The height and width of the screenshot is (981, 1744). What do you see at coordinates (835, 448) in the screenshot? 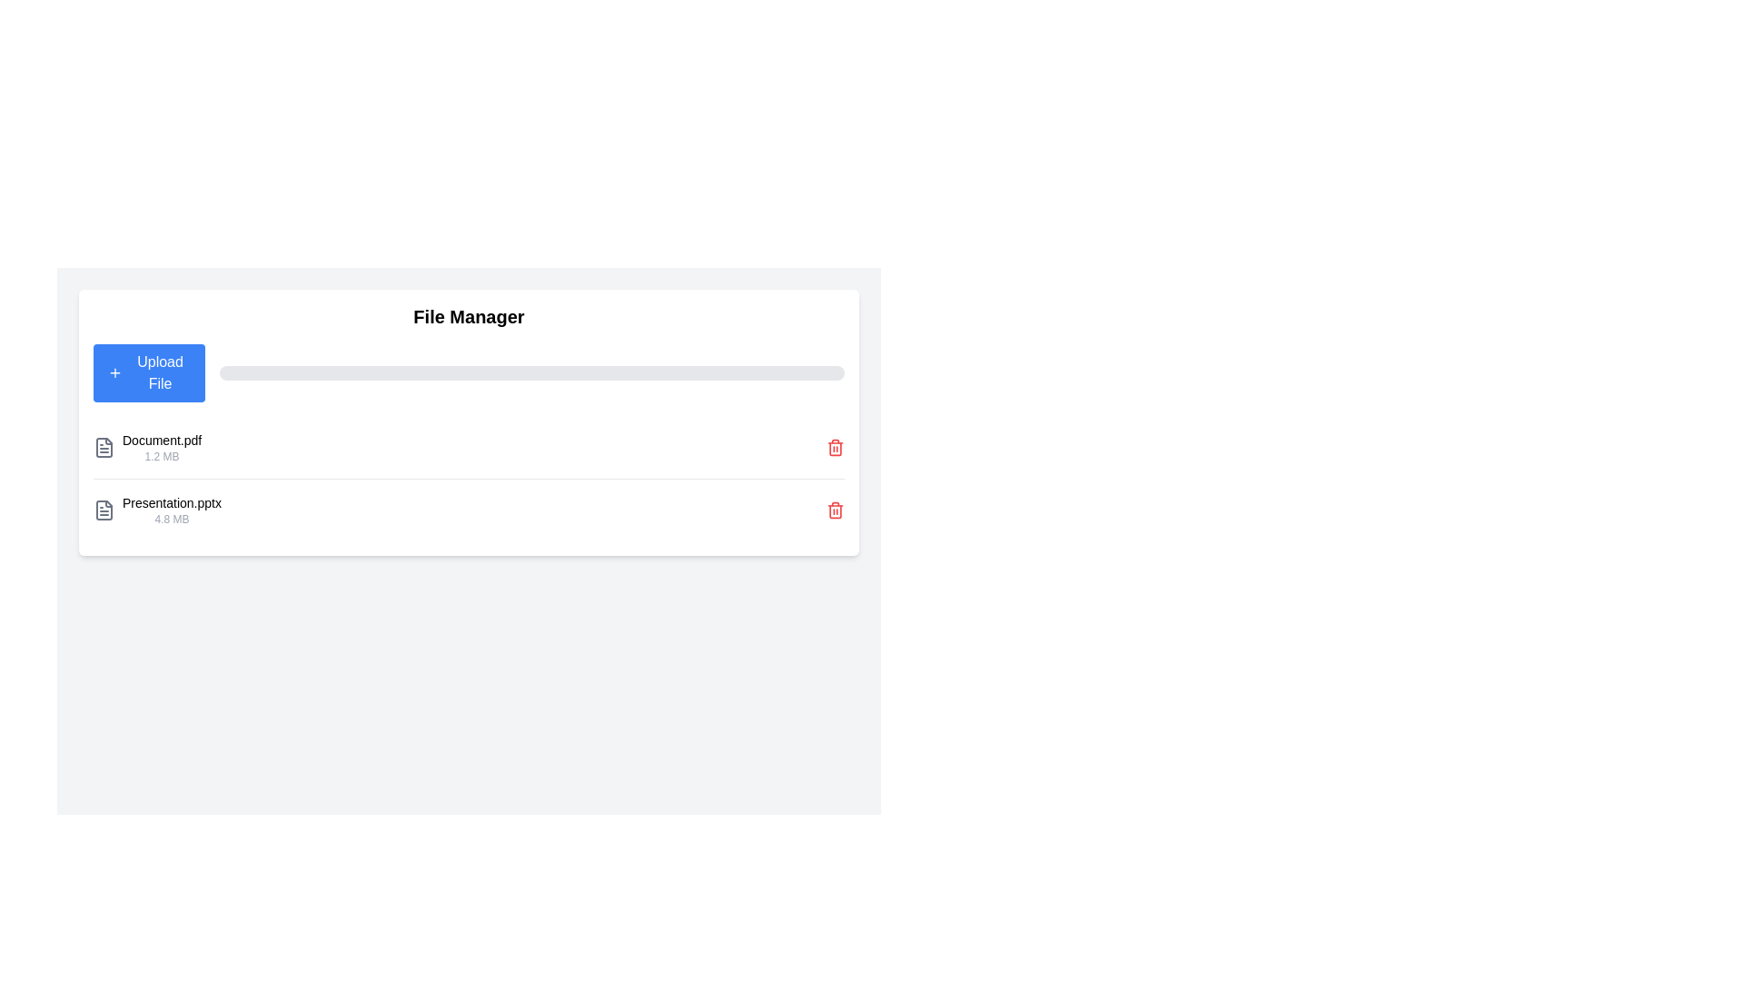
I see `the red trash icon button located at the far right of the file entry for 'Document.pdf'` at bounding box center [835, 448].